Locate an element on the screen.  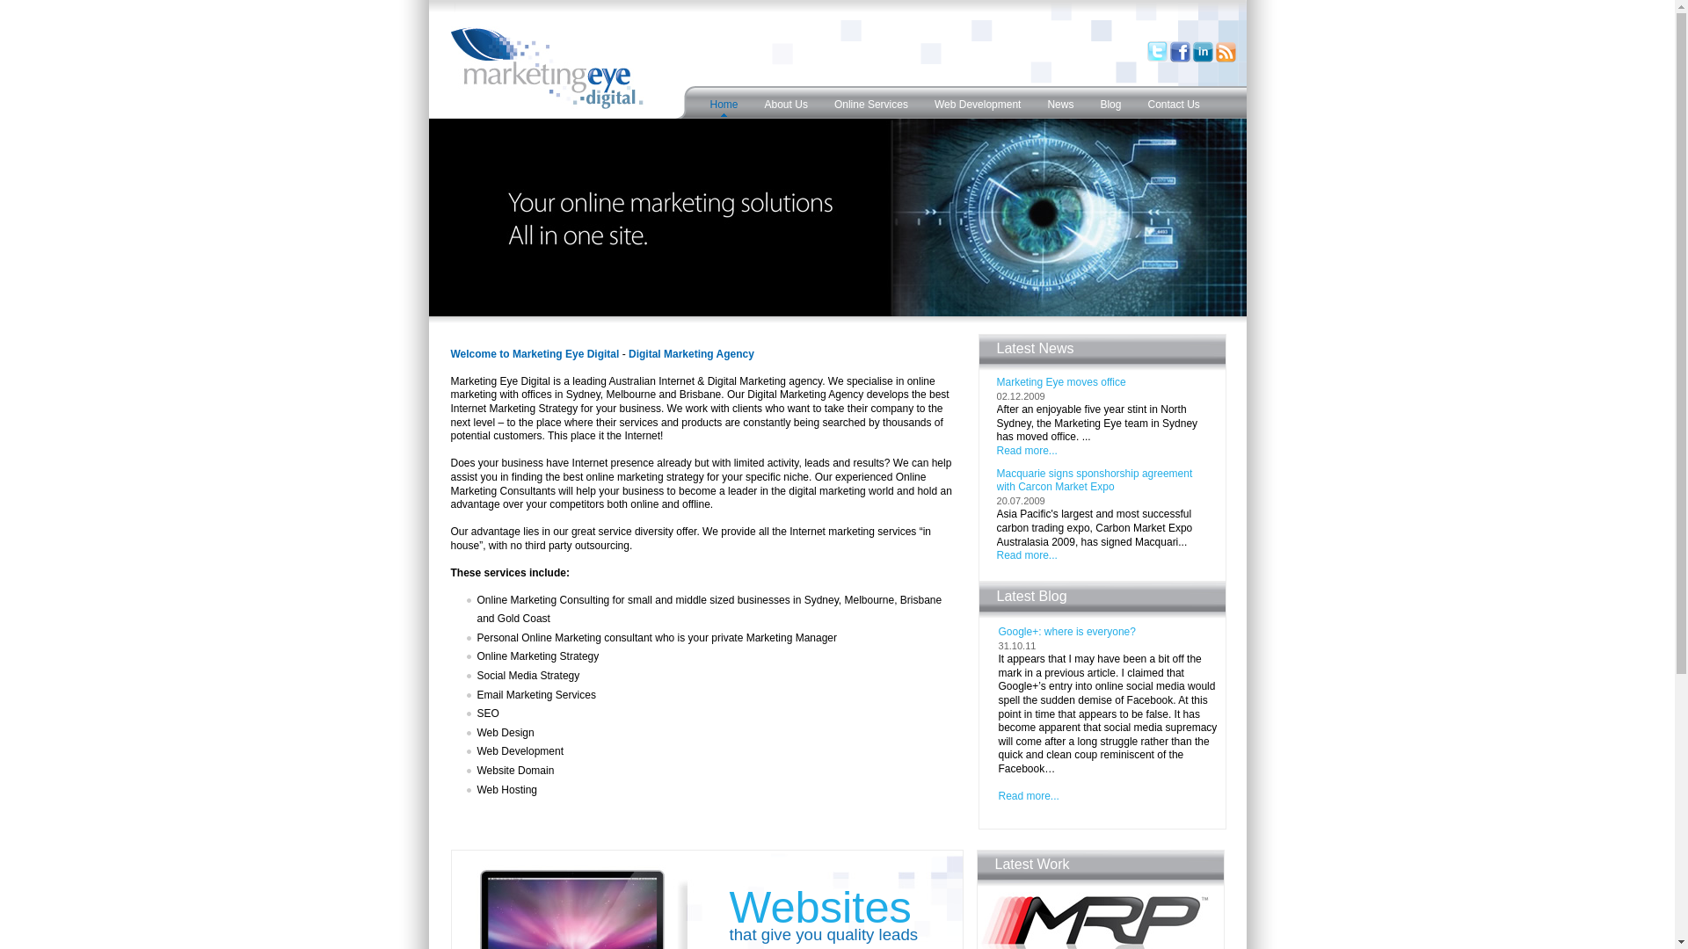
'Read more...' is located at coordinates (1029, 796).